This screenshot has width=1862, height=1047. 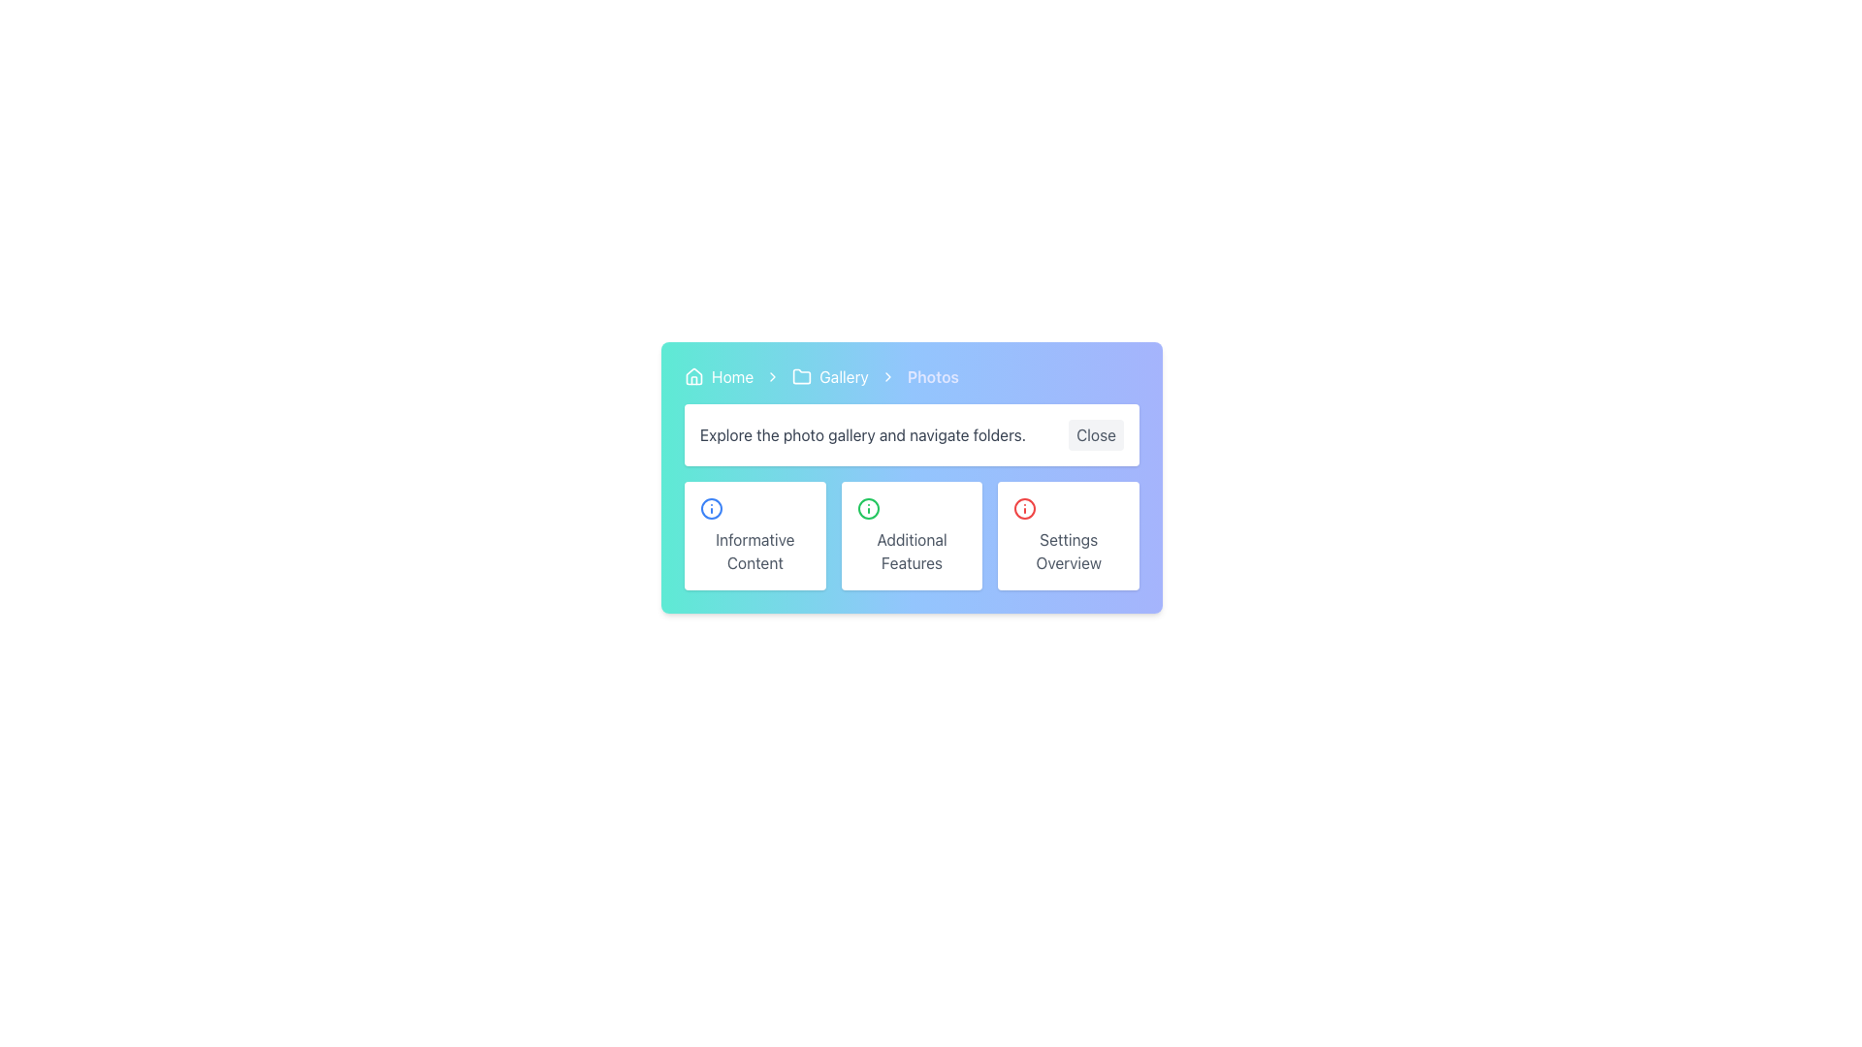 I want to click on the 'Home' text label in the breadcrumb navigation, which is positioned beside a house icon and has a plain white font on a gradient blue background, so click(x=731, y=377).